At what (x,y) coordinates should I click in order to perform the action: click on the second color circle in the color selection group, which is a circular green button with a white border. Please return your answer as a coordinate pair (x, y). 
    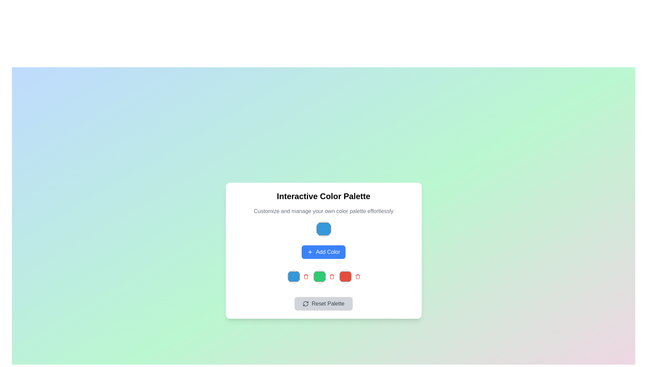
    Looking at the image, I should click on (323, 276).